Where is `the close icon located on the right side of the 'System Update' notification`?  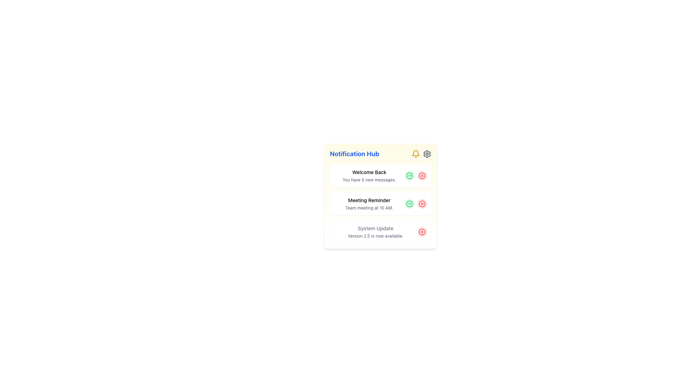
the close icon located on the right side of the 'System Update' notification is located at coordinates (422, 232).